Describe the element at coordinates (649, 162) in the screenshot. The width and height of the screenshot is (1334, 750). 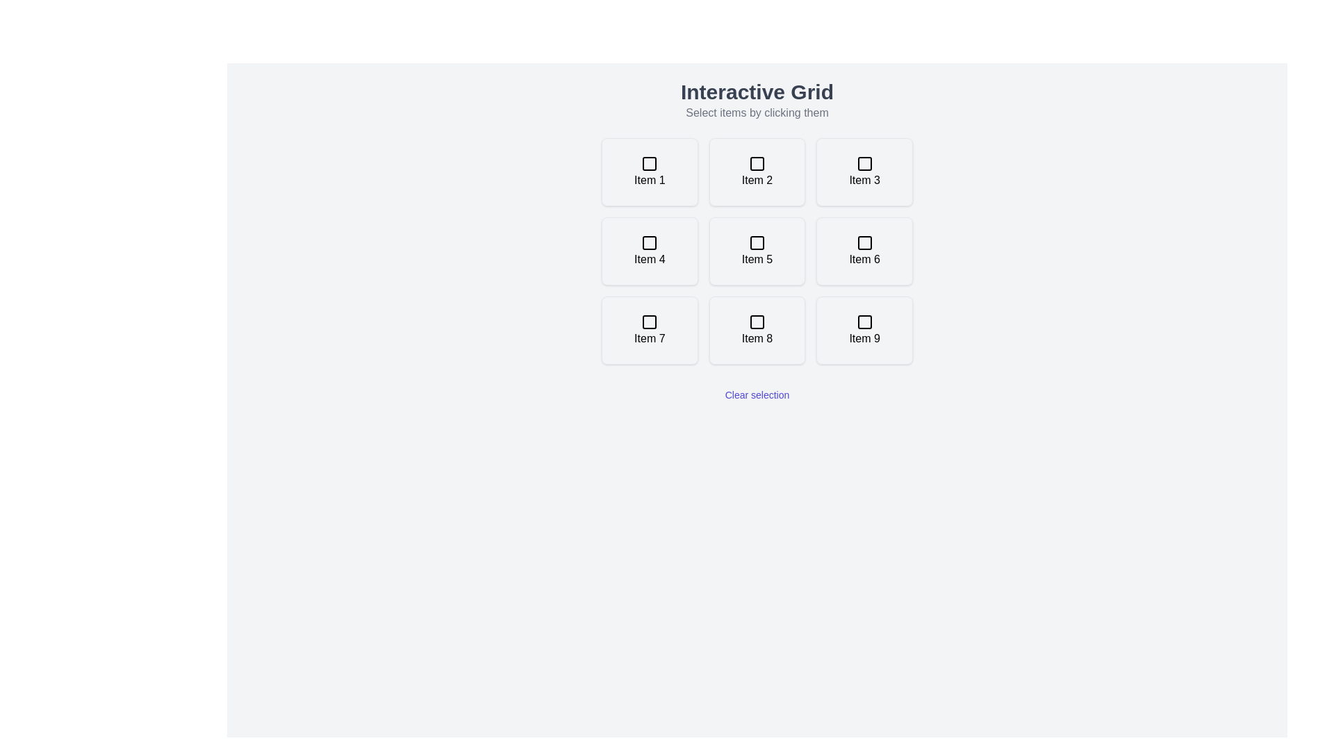
I see `the top-left icon in the 3x3 grid to interact with Item 1` at that location.